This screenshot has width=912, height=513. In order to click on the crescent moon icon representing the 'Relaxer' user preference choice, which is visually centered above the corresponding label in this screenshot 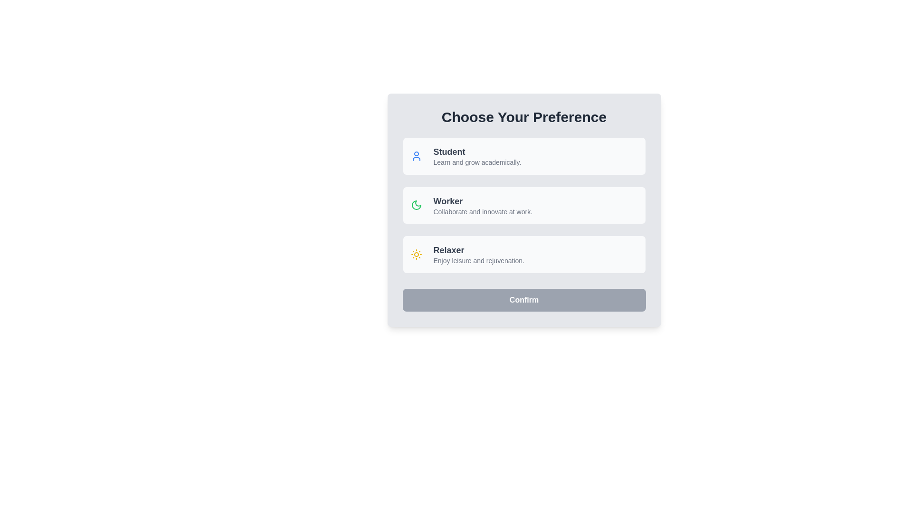, I will do `click(416, 205)`.